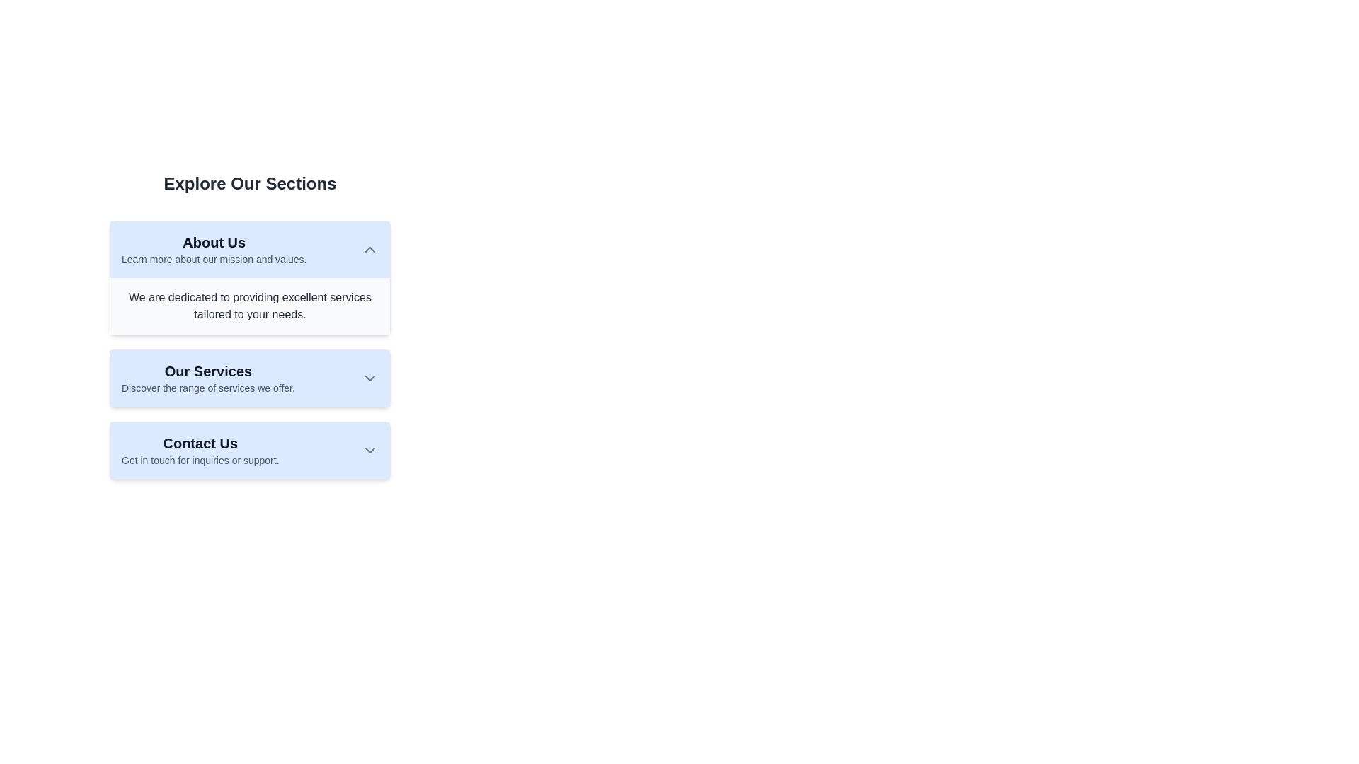 The width and height of the screenshot is (1359, 764). Describe the element at coordinates (250, 378) in the screenshot. I see `the 'Our Services' collapsible section header, which has a light blue background and contains bold black text` at that location.